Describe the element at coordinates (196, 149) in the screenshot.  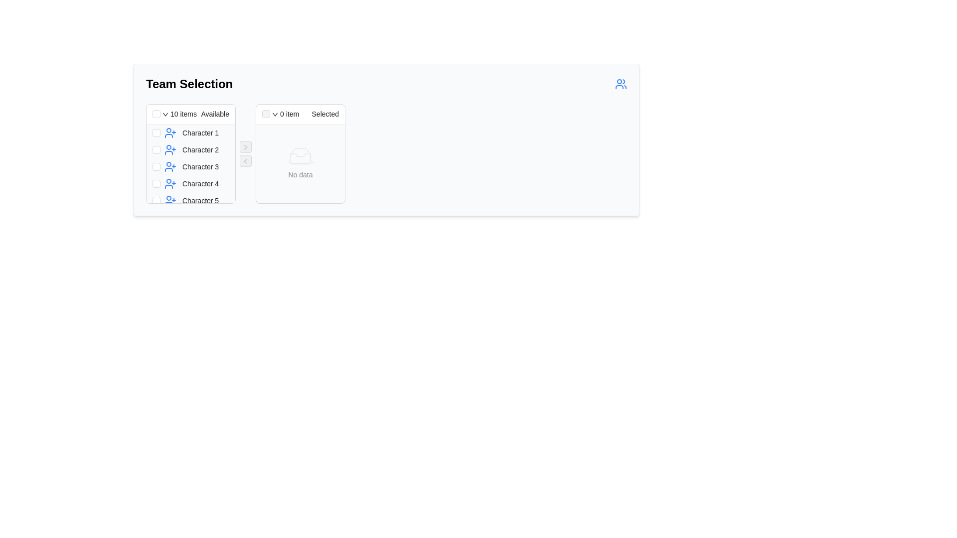
I see `the second list entry in the '10 items Available' panel to observe its styling changes` at that location.